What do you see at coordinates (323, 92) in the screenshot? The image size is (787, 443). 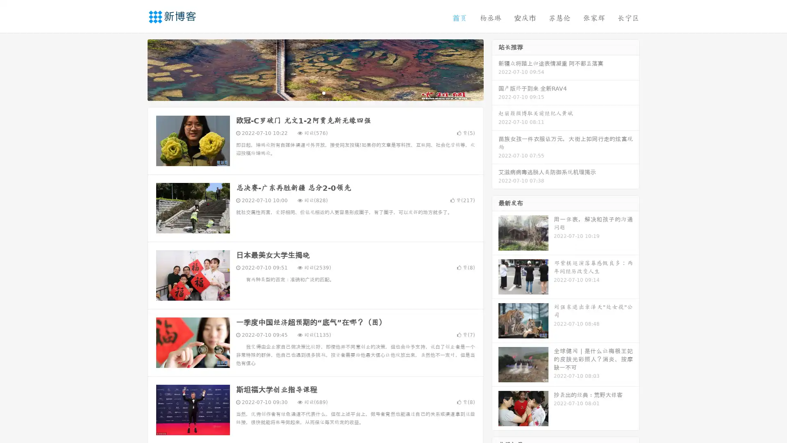 I see `Go to slide 3` at bounding box center [323, 92].